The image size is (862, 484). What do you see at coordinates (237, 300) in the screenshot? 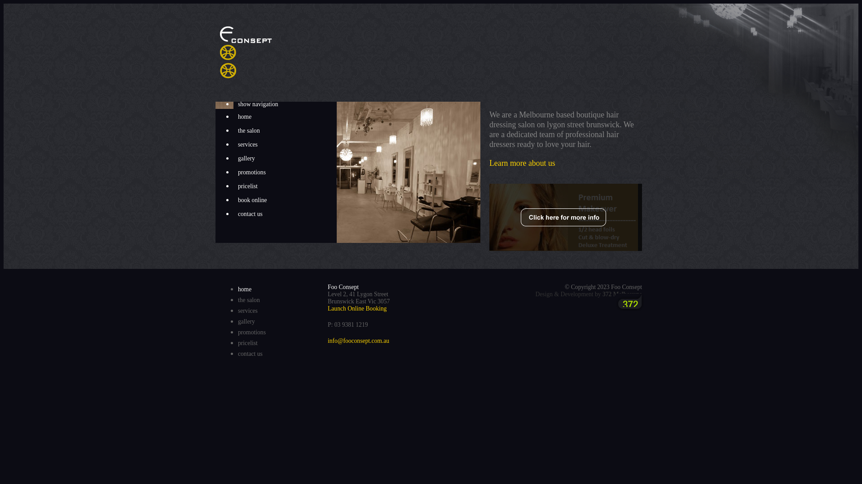
I see `'the salon'` at bounding box center [237, 300].